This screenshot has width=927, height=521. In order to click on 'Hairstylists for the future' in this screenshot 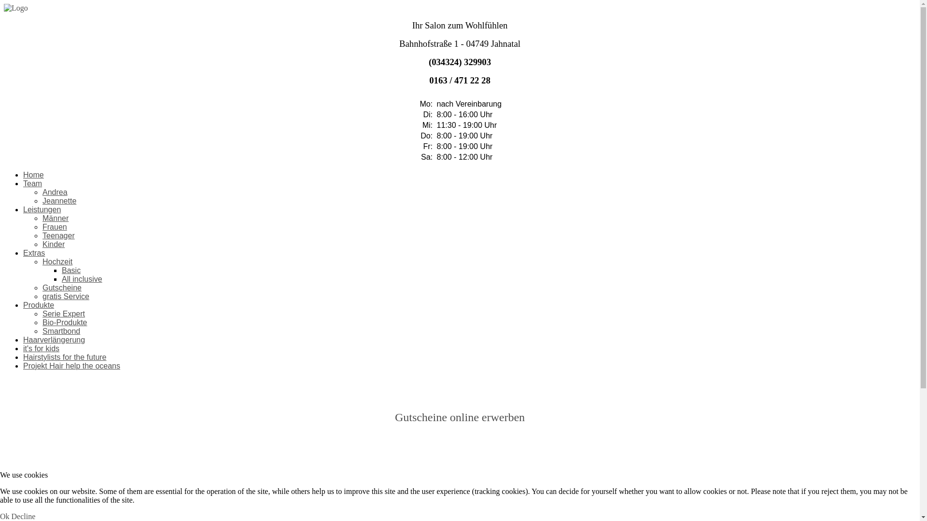, I will do `click(64, 357)`.